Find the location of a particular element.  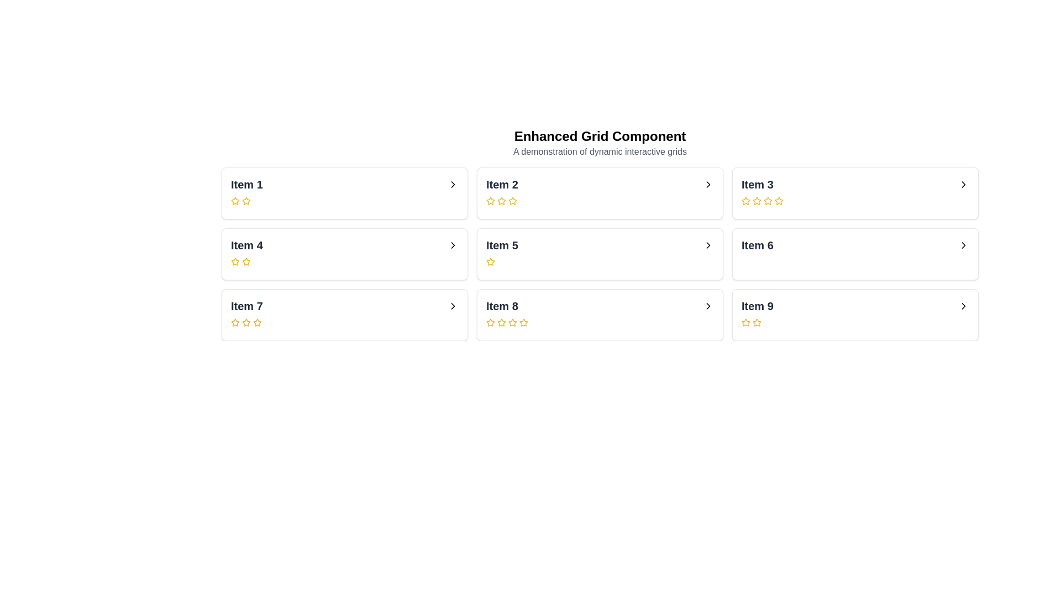

the rating value by clicking on the yellow star icons of the Rating star component located below the title 'Item 4' is located at coordinates (344, 262).